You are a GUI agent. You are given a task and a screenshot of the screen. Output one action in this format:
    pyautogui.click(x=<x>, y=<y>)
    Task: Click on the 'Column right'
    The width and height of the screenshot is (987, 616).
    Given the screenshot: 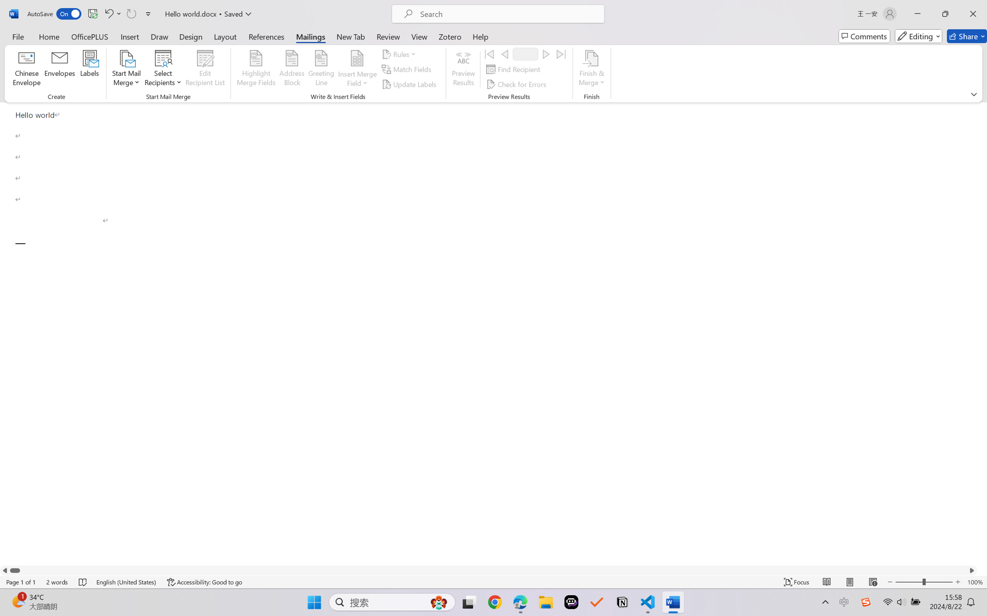 What is the action you would take?
    pyautogui.click(x=972, y=570)
    